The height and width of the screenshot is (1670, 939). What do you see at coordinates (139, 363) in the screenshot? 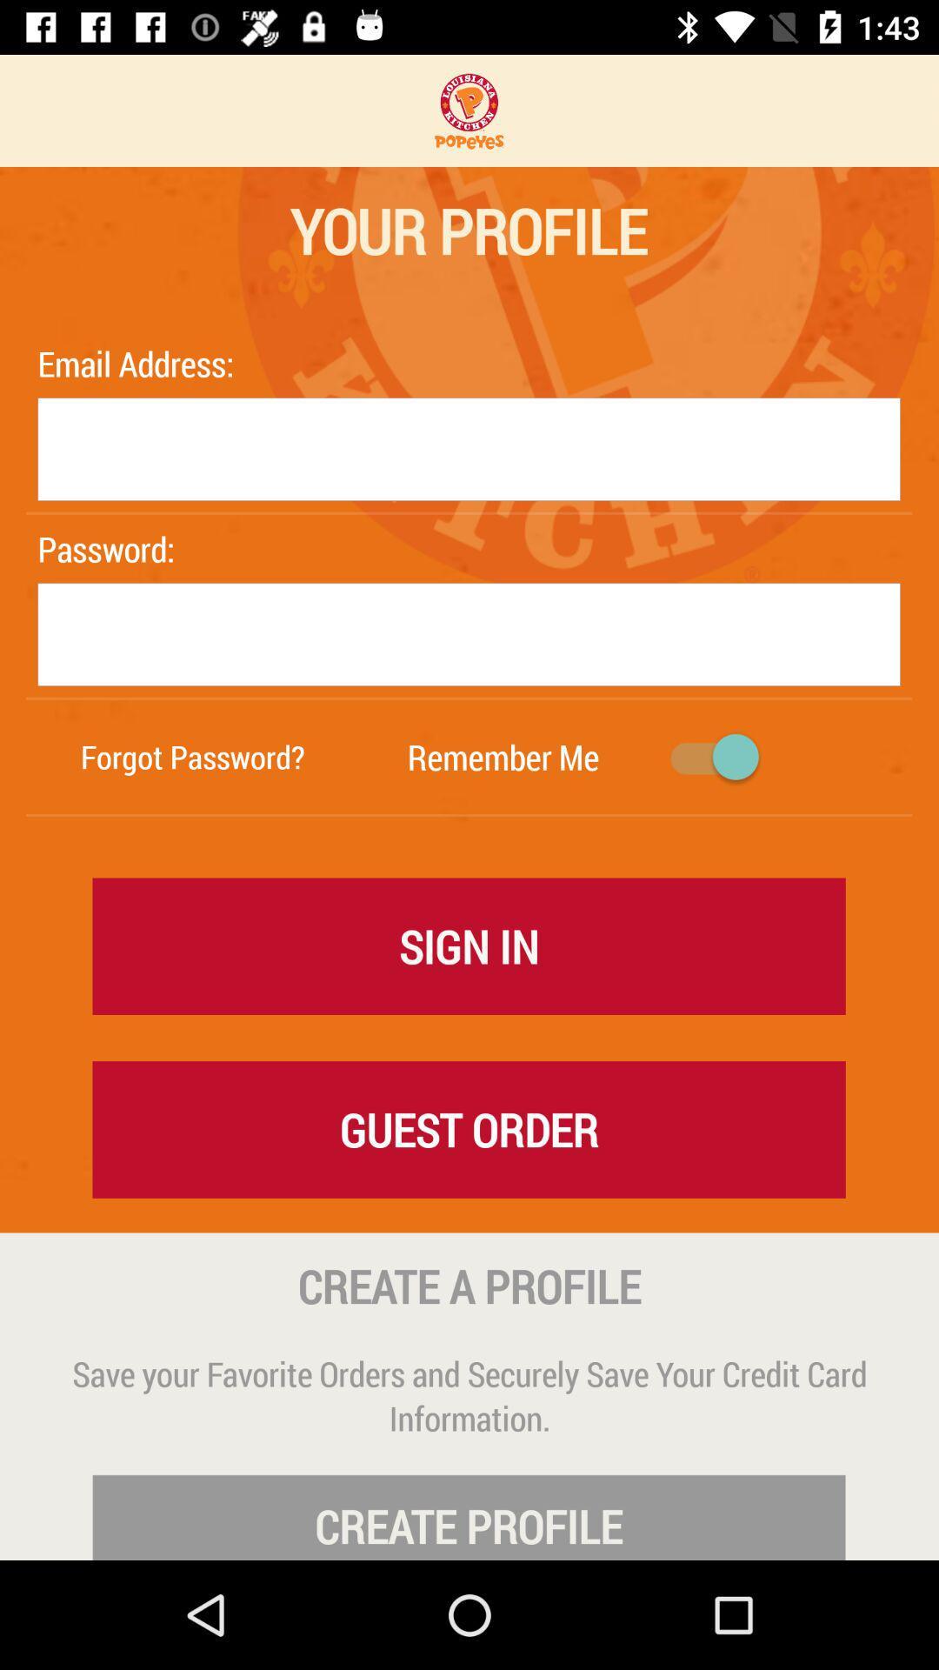
I see `the email address: icon` at bounding box center [139, 363].